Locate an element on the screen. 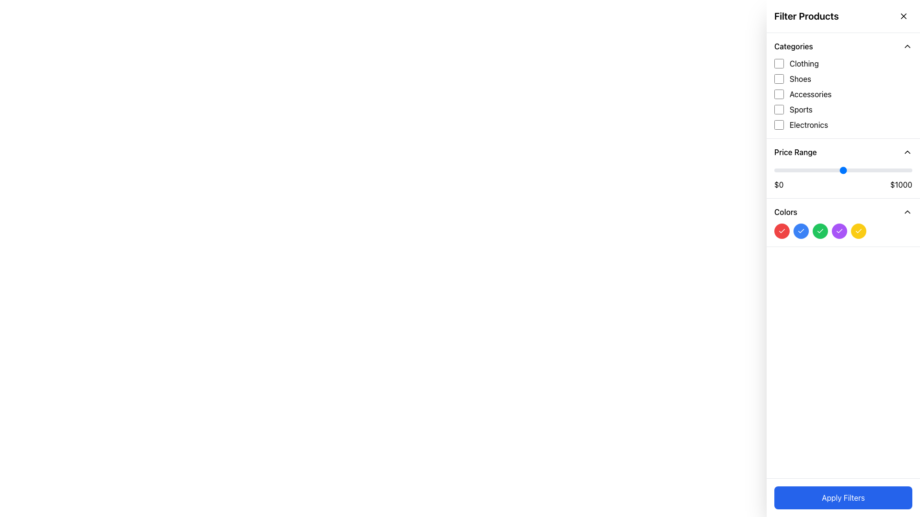 The width and height of the screenshot is (920, 517). the last circular button representing the yellow color filter in the 'Colors' section of the filtering panel is located at coordinates (858, 231).